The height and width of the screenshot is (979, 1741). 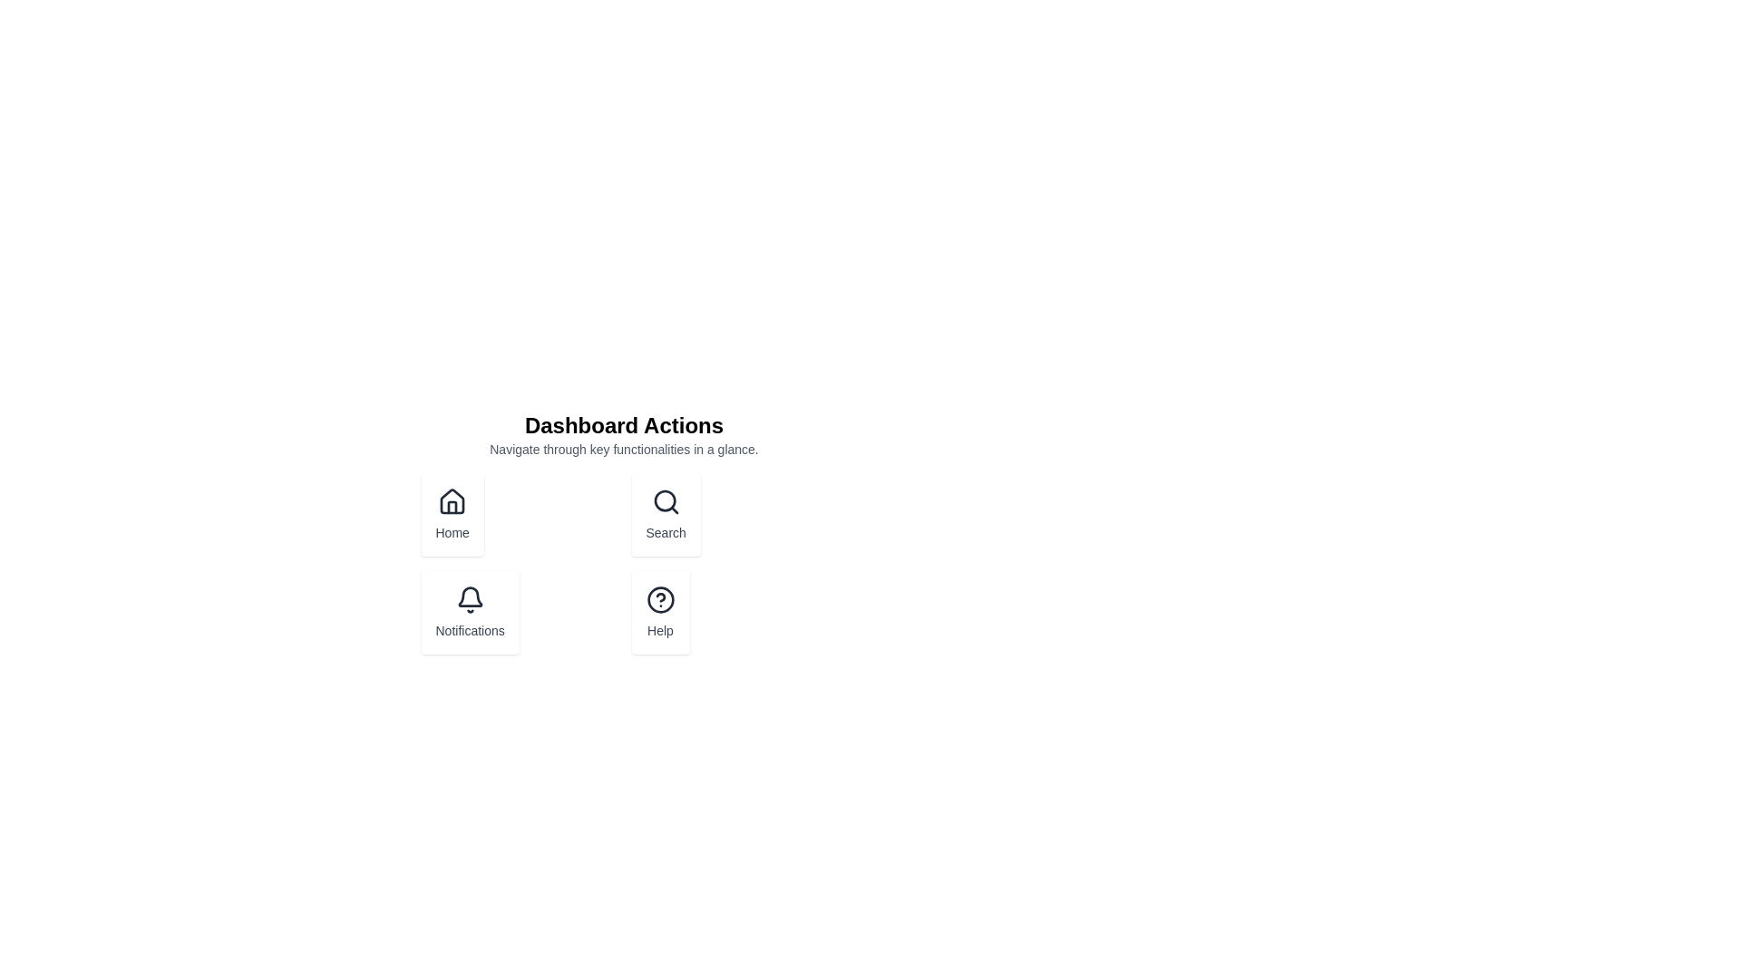 What do you see at coordinates (470, 600) in the screenshot?
I see `the decorative notification icon located in the bottom-left group of the four main action buttons in the user interface` at bounding box center [470, 600].